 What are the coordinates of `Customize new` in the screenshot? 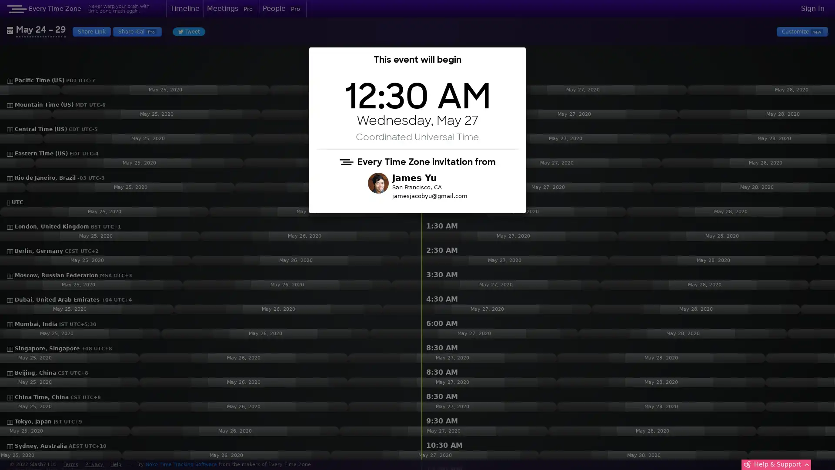 It's located at (802, 31).